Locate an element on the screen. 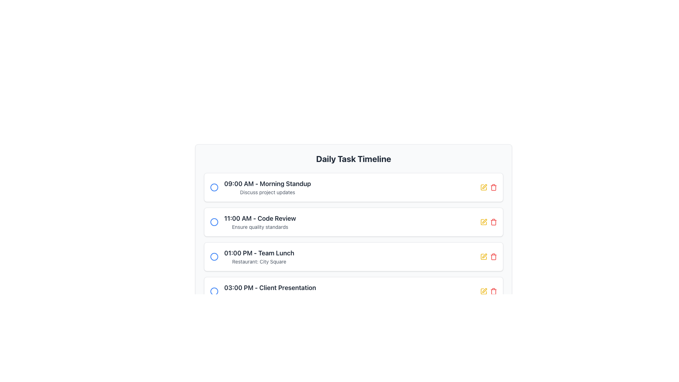 This screenshot has width=679, height=382. the 'Client Presentation' scheduled task text element located at the bottom of the Daily Task Timeline is located at coordinates (269, 288).